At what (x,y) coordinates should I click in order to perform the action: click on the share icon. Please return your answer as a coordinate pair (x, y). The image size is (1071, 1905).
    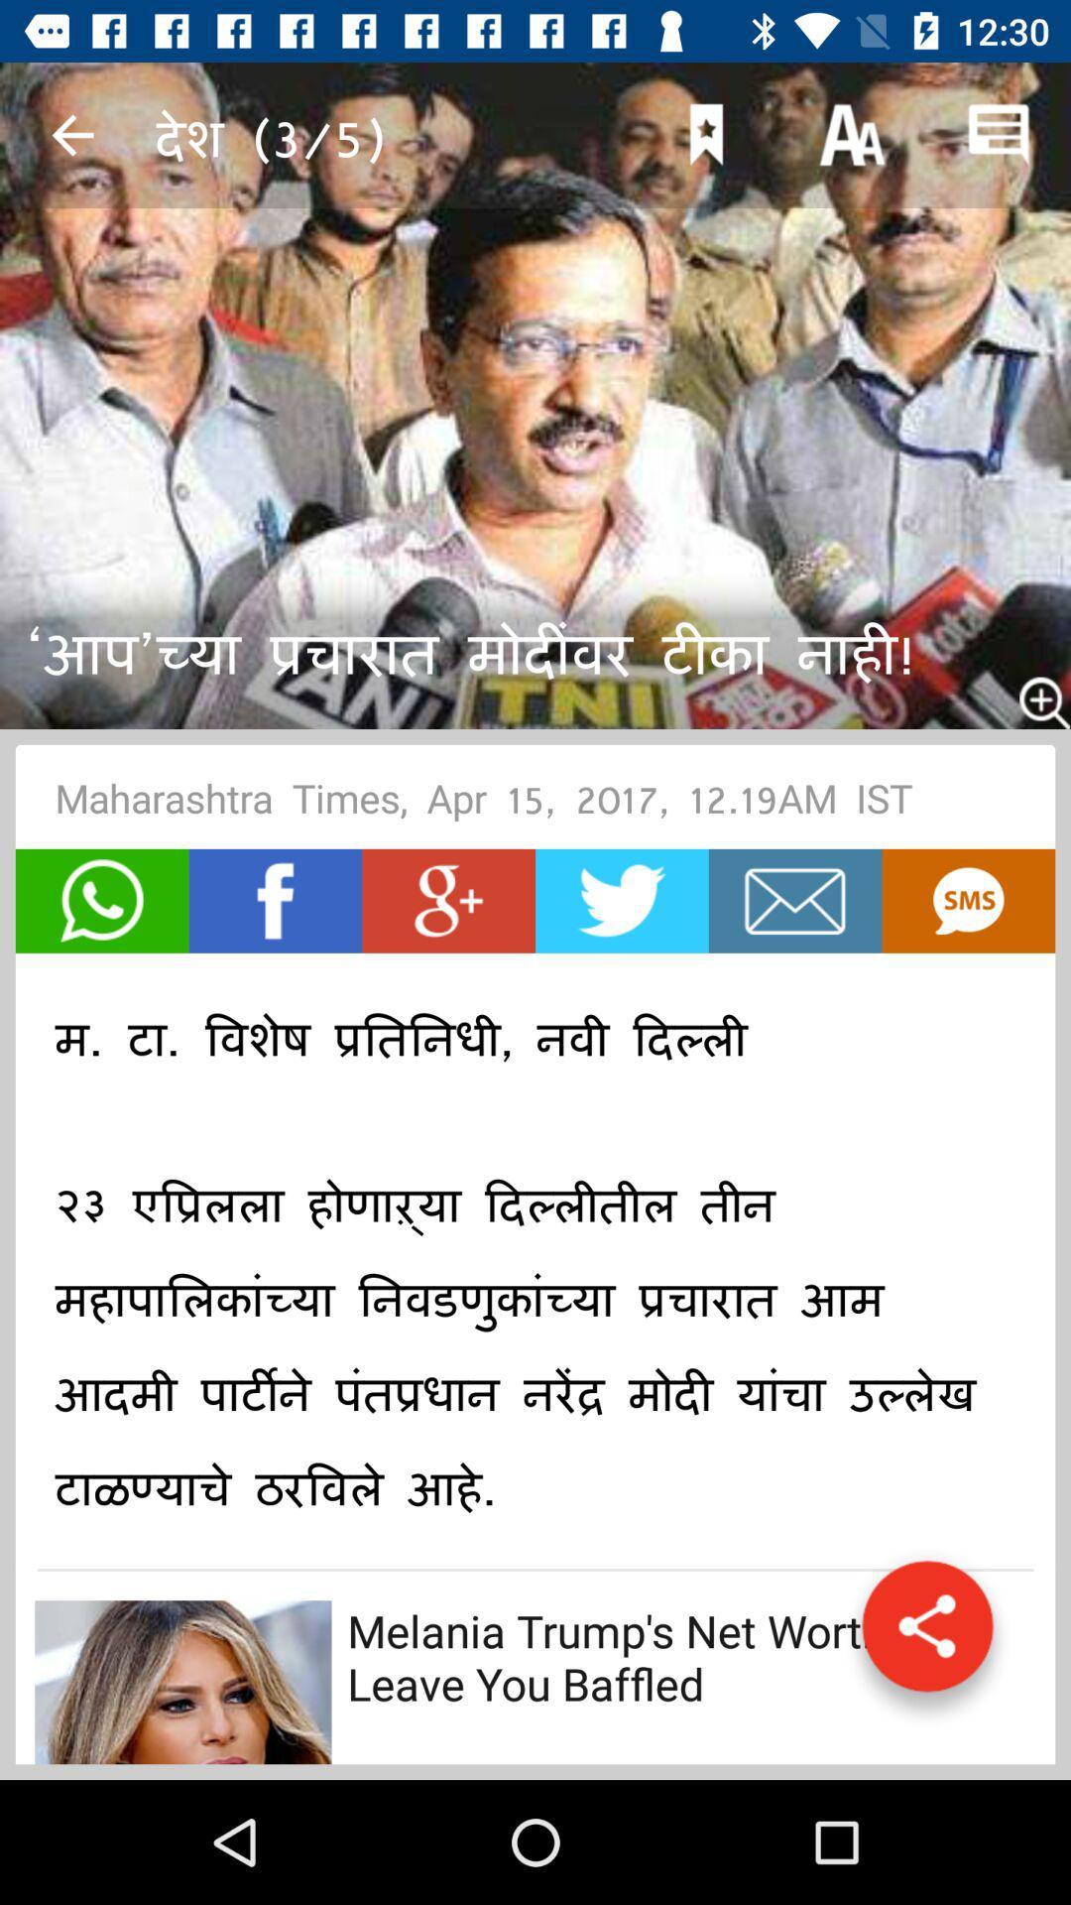
    Looking at the image, I should click on (927, 1636).